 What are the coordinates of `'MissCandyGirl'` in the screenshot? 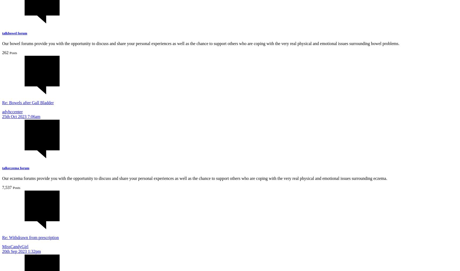 It's located at (15, 246).